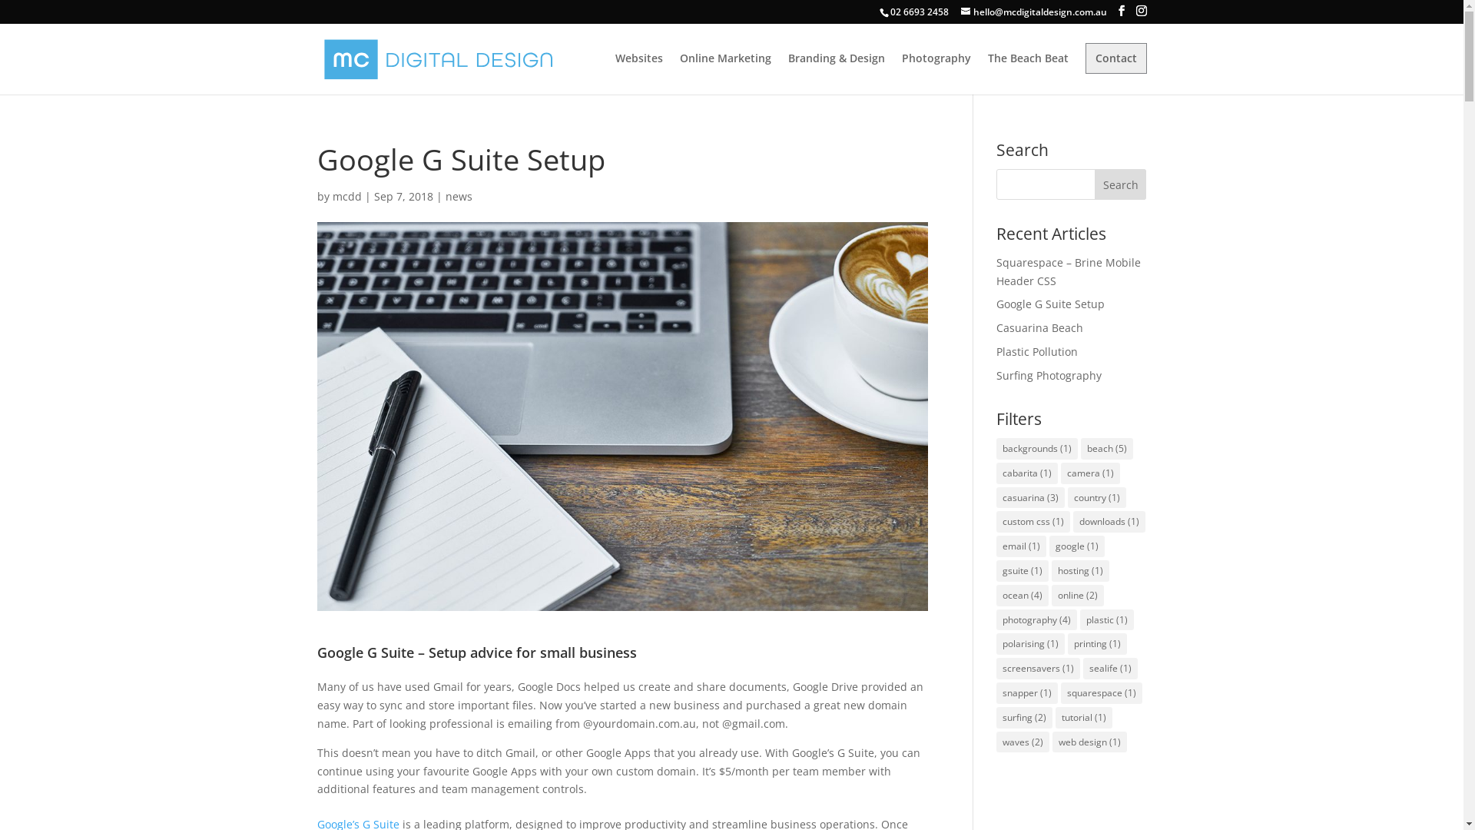 Image resolution: width=1475 pixels, height=830 pixels. What do you see at coordinates (1072, 520) in the screenshot?
I see `'downloads (1)'` at bounding box center [1072, 520].